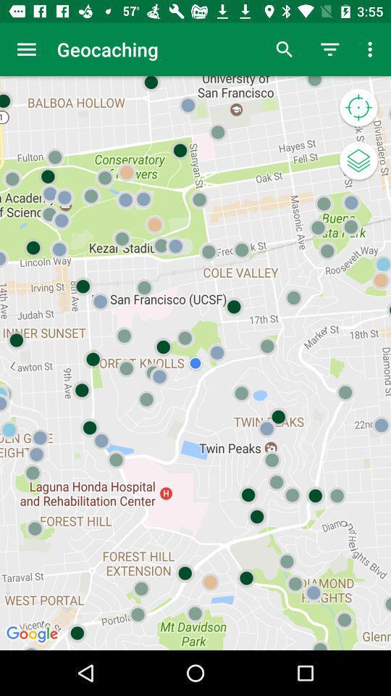  What do you see at coordinates (26, 49) in the screenshot?
I see `the item next to geocaching icon` at bounding box center [26, 49].